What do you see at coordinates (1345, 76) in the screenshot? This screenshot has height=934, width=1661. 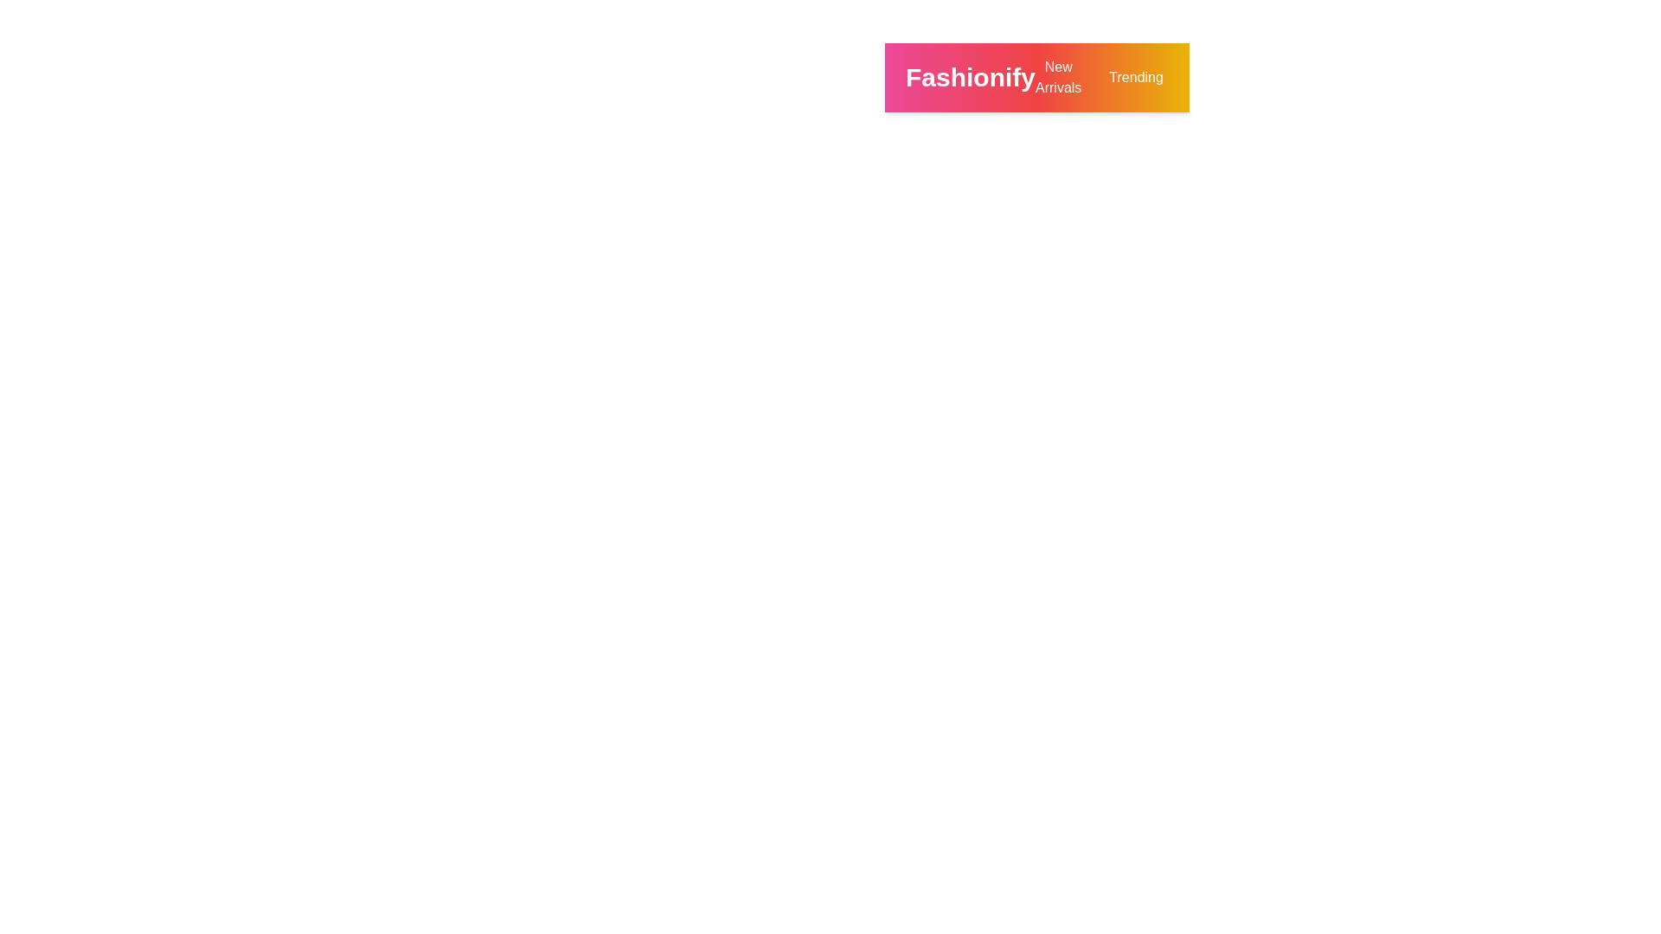 I see `the shopping bag icon to view the shopping cart` at bounding box center [1345, 76].